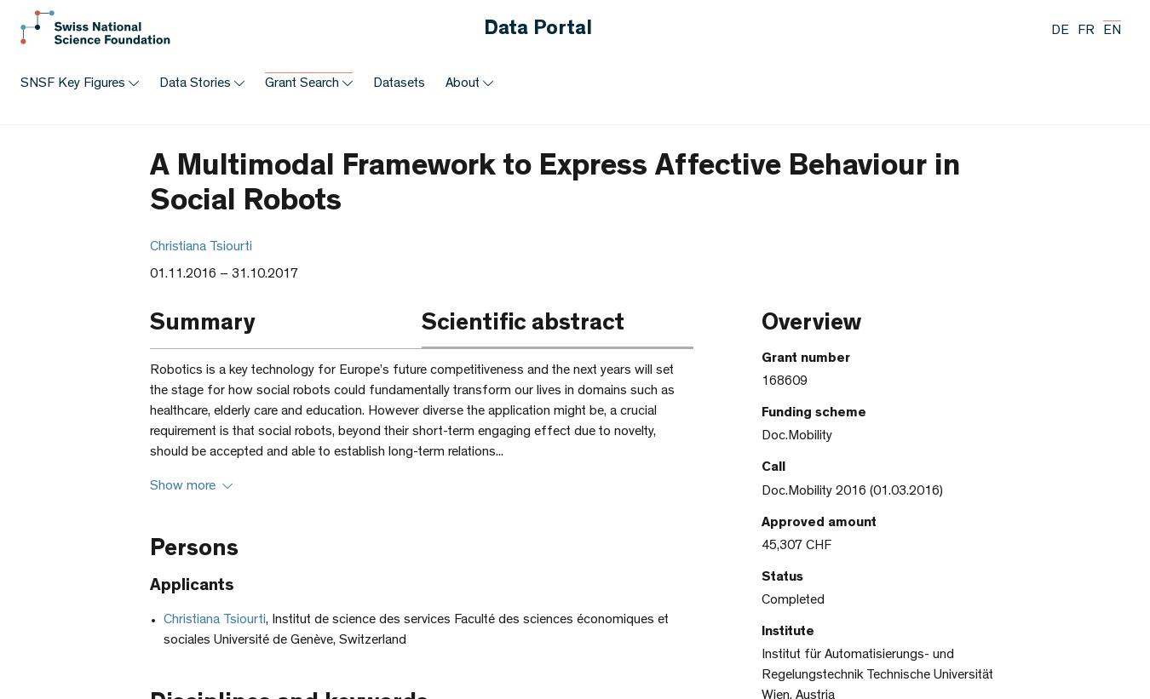 The height and width of the screenshot is (699, 1150). What do you see at coordinates (791, 600) in the screenshot?
I see `'Completed'` at bounding box center [791, 600].